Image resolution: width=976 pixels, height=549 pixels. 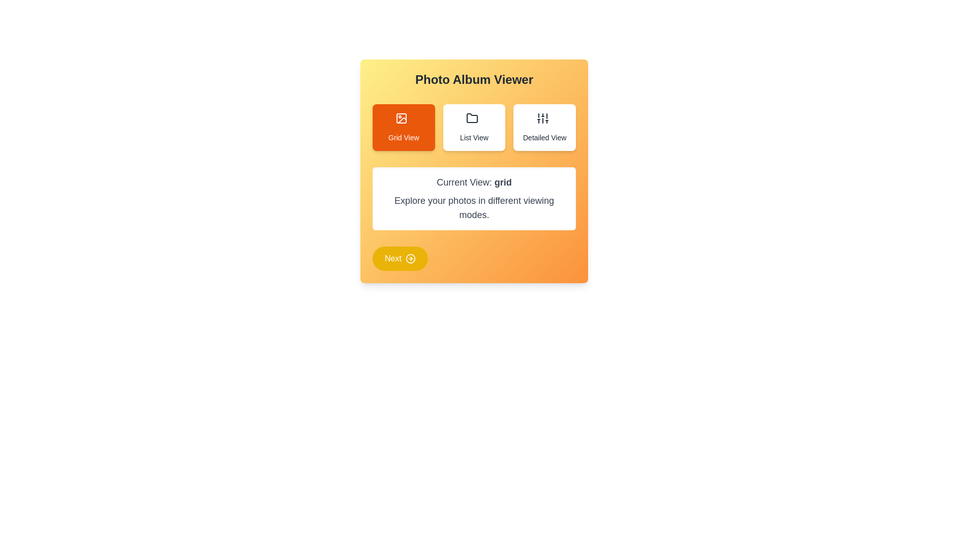 I want to click on the 'Grid View' text label, which is displayed in white on an orange background and indicates the grid view mode in the photo album viewer interface, so click(x=403, y=137).